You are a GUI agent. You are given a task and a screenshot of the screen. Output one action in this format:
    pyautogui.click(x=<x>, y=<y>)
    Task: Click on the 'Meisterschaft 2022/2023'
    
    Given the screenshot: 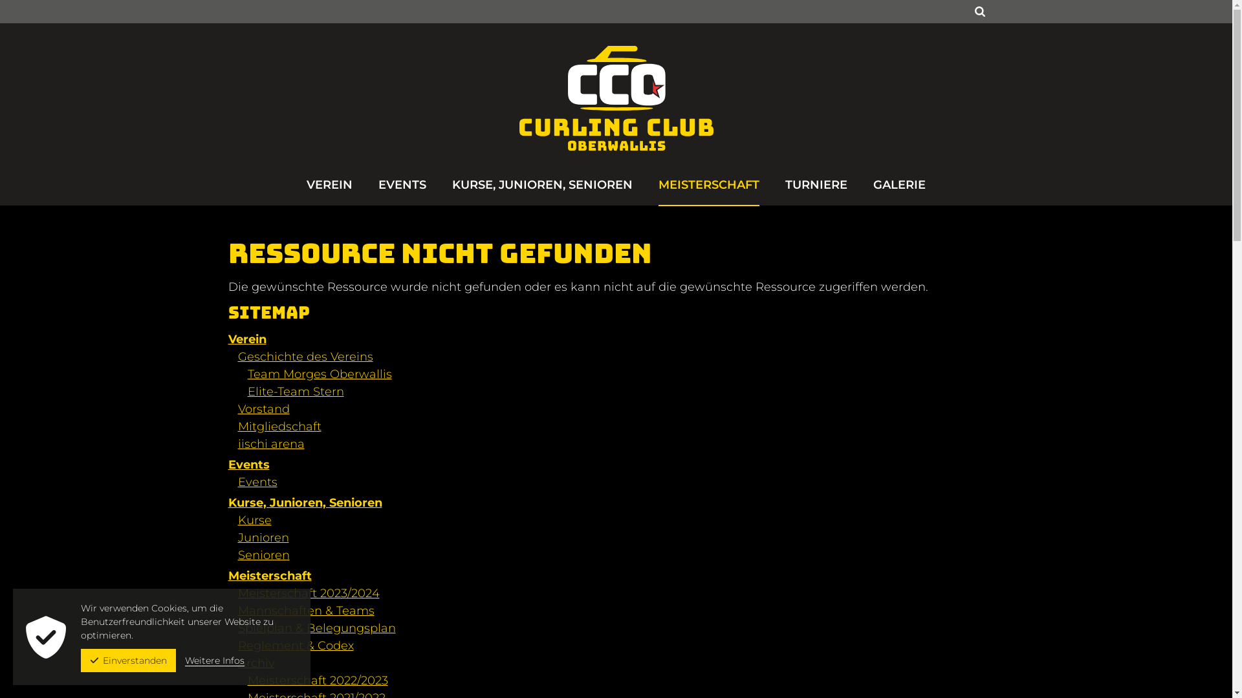 What is the action you would take?
    pyautogui.click(x=317, y=680)
    